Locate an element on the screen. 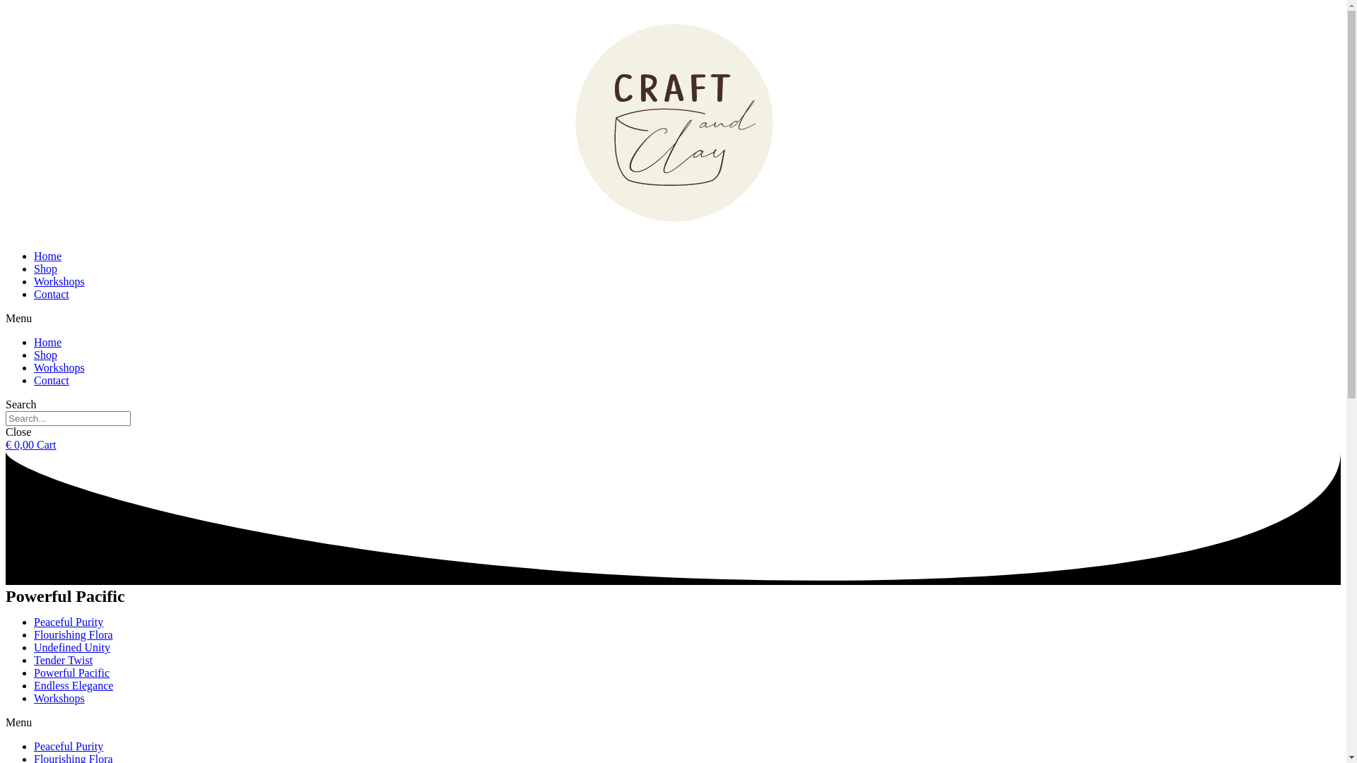  'Endless Elegance' is located at coordinates (73, 685).